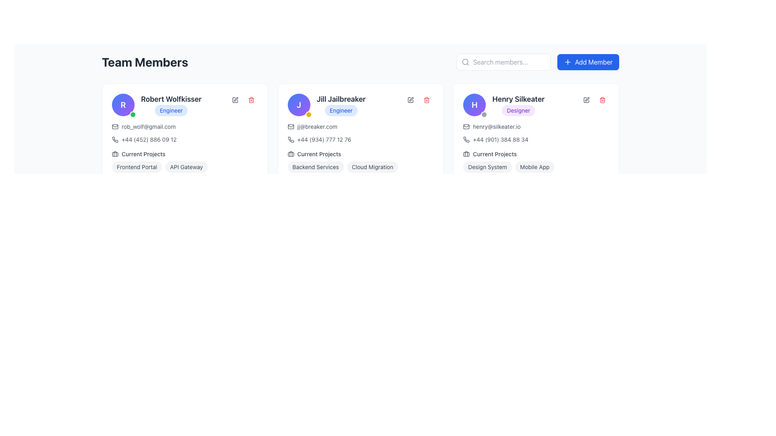  Describe the element at coordinates (586, 99) in the screenshot. I see `the button` at that location.